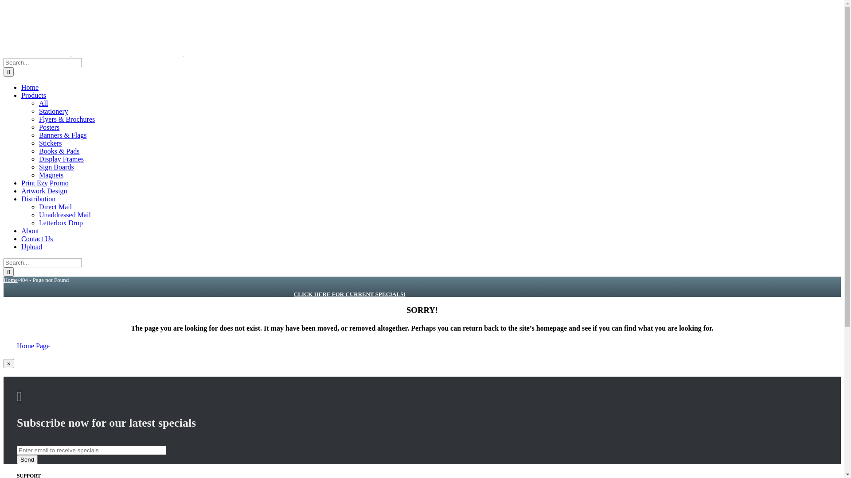 This screenshot has width=851, height=478. What do you see at coordinates (349, 294) in the screenshot?
I see `'CLICK HERE FOR CURRENT SPECIALS!'` at bounding box center [349, 294].